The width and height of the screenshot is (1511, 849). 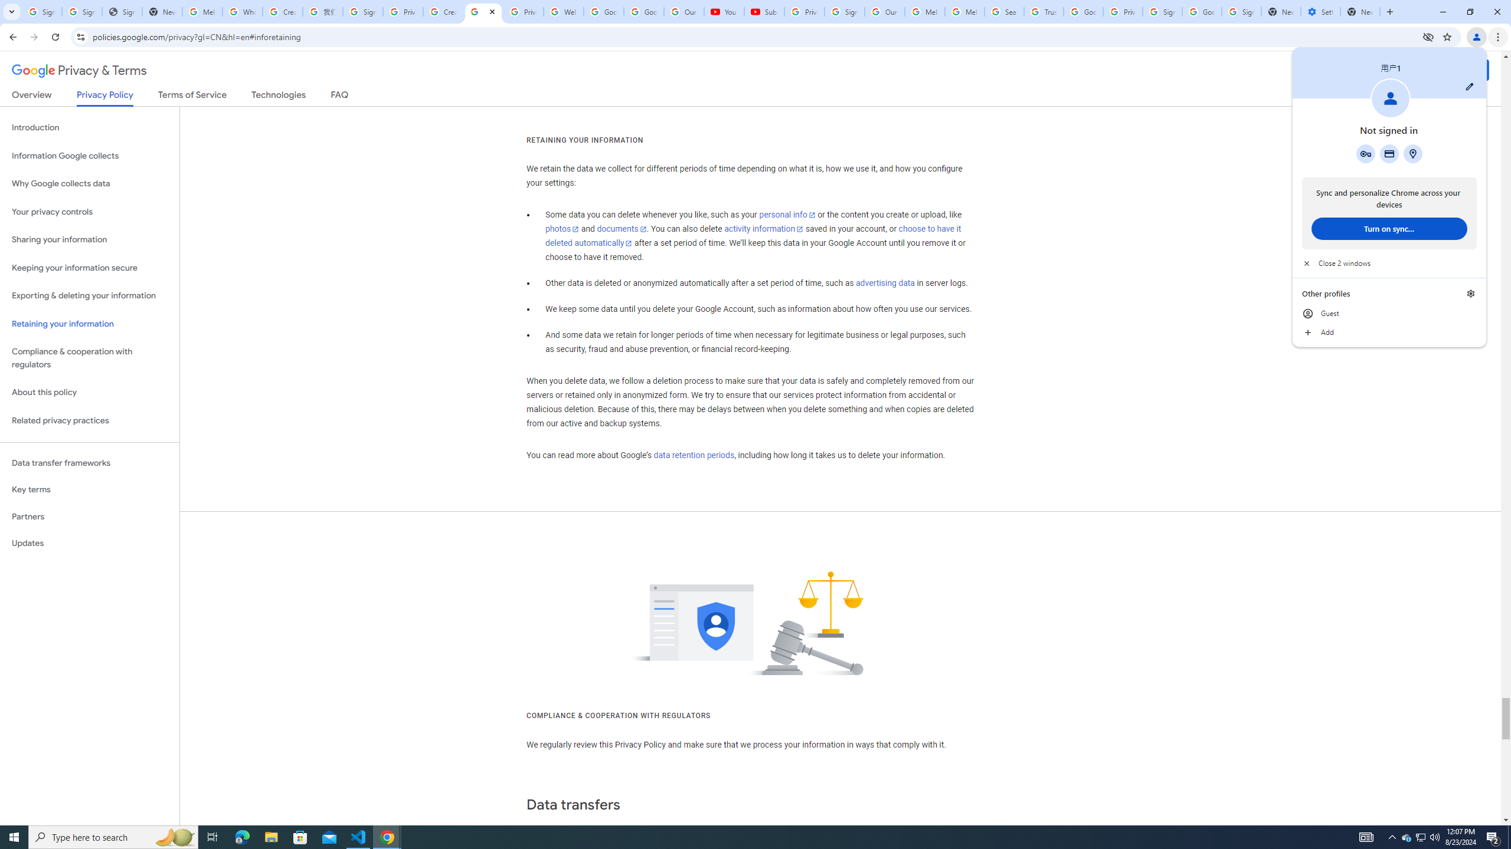 What do you see at coordinates (14, 836) in the screenshot?
I see `'Start'` at bounding box center [14, 836].